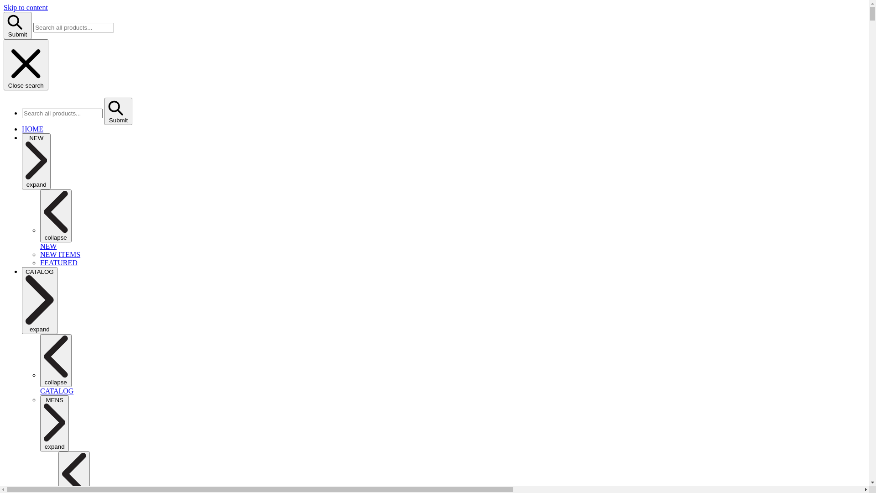  Describe the element at coordinates (26, 7) in the screenshot. I see `'Skip to content'` at that location.